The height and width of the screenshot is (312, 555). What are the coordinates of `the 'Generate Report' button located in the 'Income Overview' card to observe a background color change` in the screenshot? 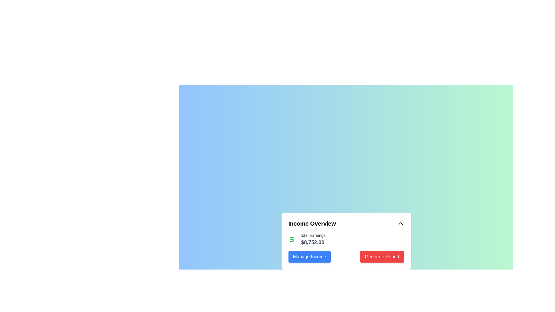 It's located at (382, 256).